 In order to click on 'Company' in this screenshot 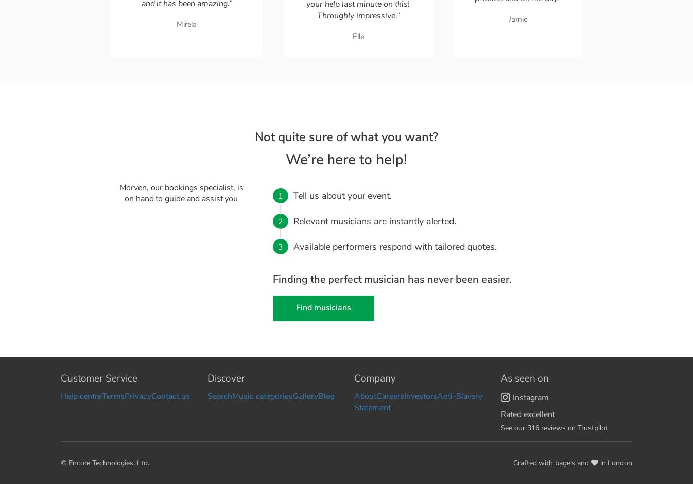, I will do `click(375, 377)`.